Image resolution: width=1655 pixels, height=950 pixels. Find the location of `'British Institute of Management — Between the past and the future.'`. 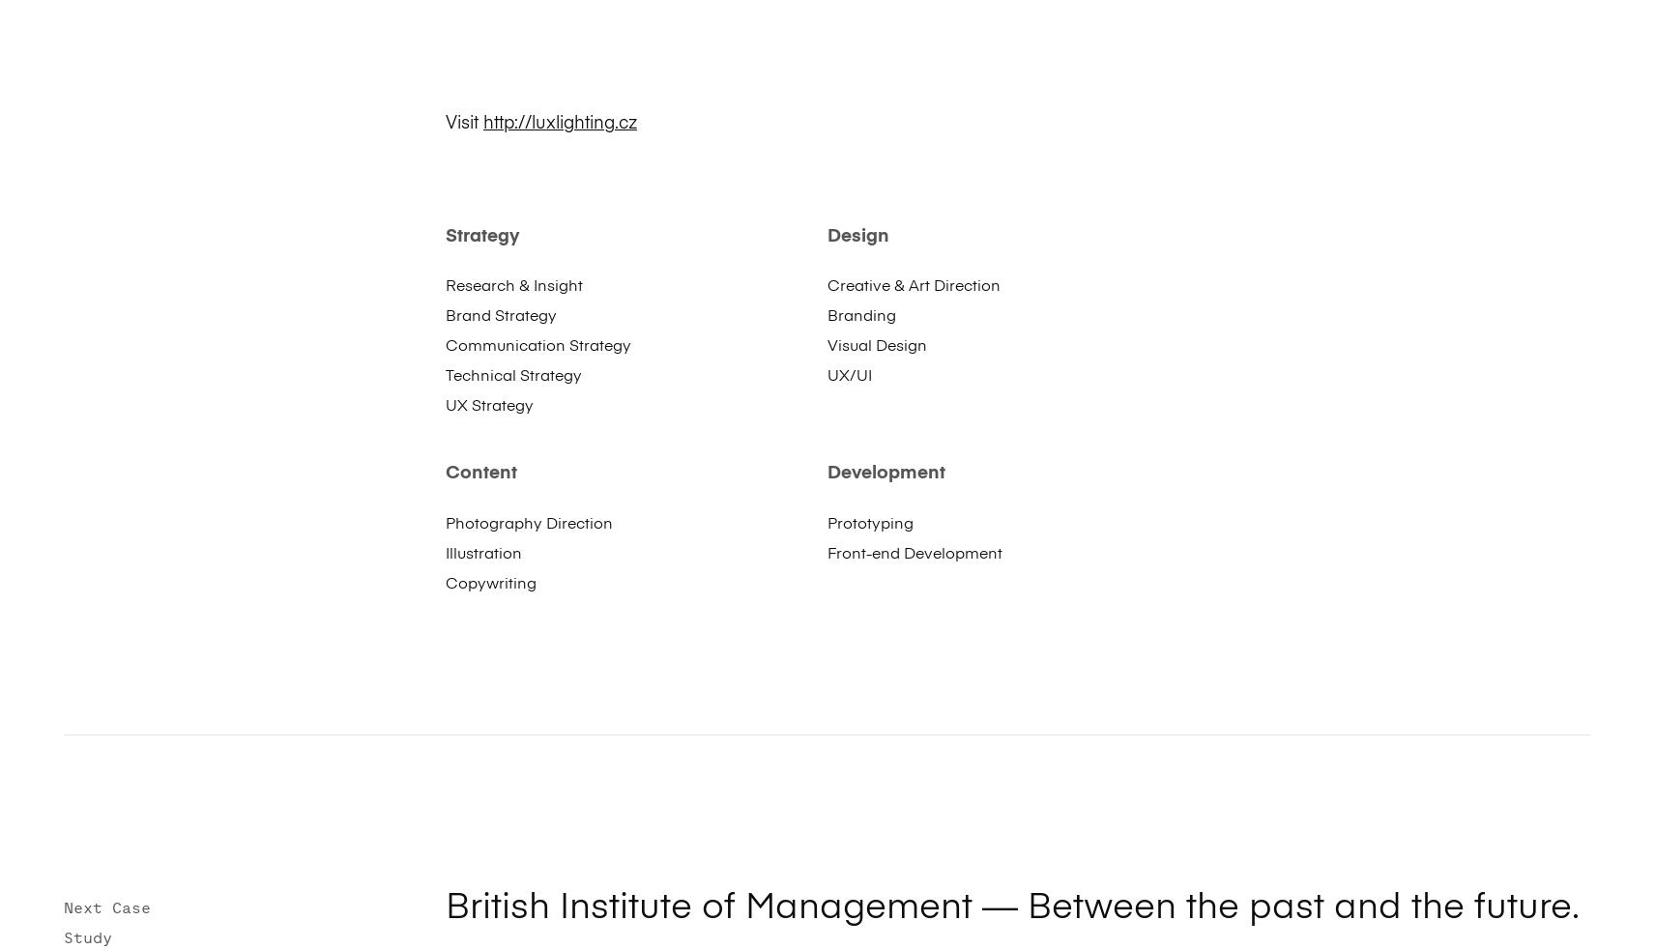

'British Institute of Management — Between the past and the future.' is located at coordinates (1010, 907).